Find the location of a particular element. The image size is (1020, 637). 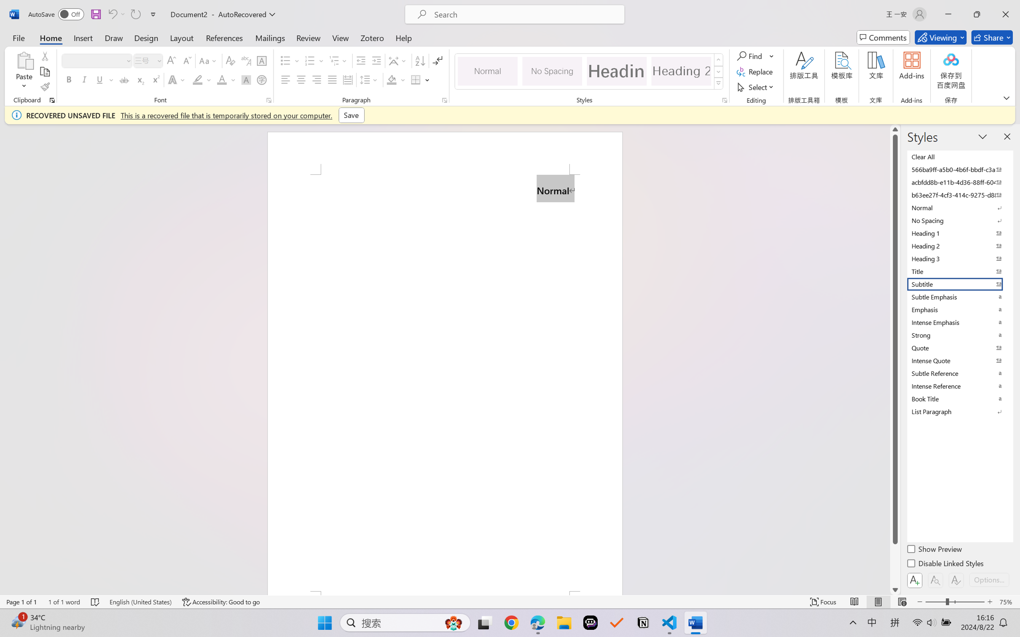

'Can' is located at coordinates (115, 14).